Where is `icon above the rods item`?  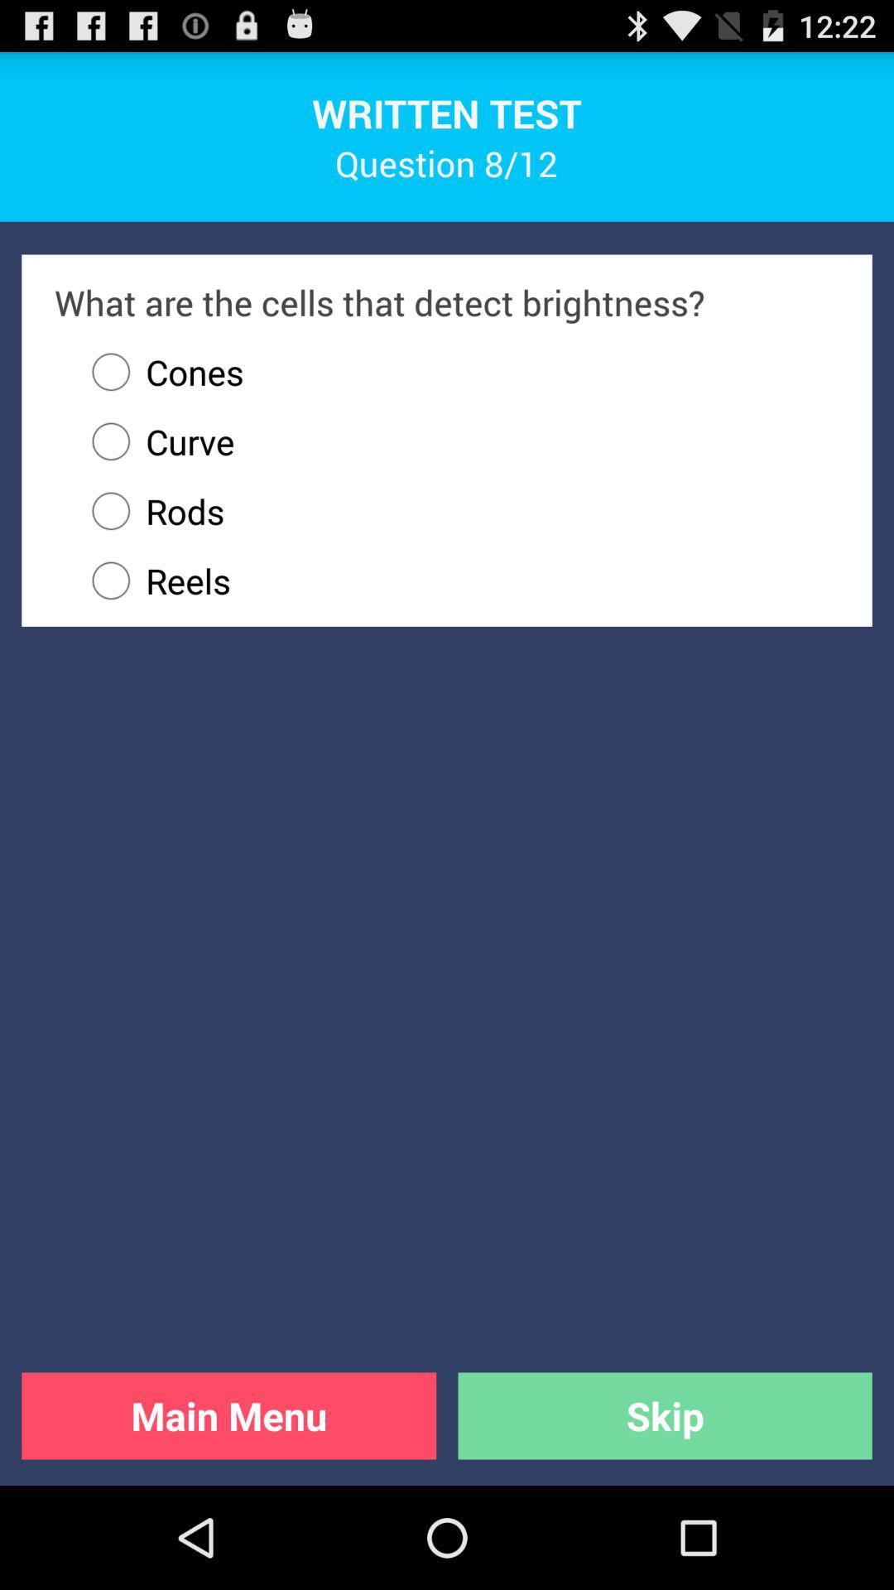 icon above the rods item is located at coordinates (155, 441).